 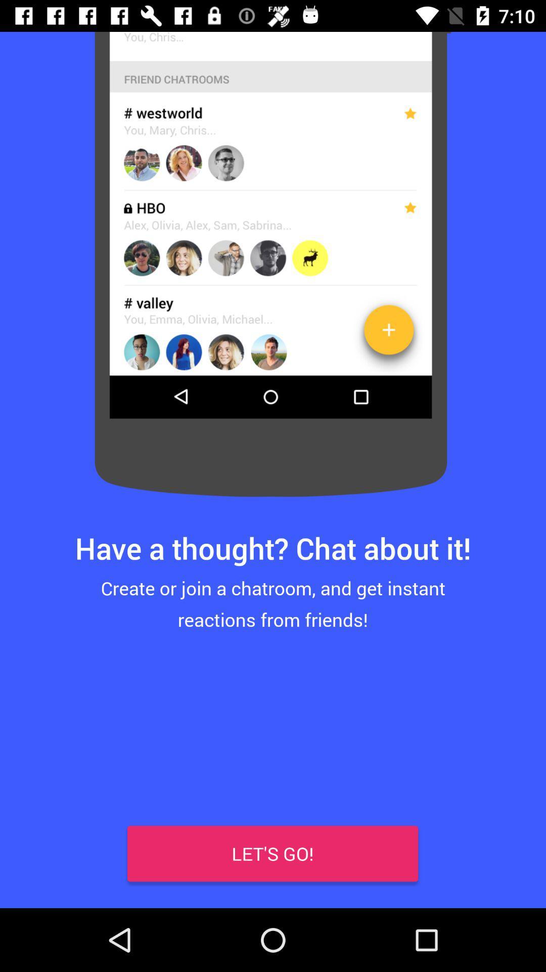 I want to click on icon below the create or join, so click(x=272, y=853).